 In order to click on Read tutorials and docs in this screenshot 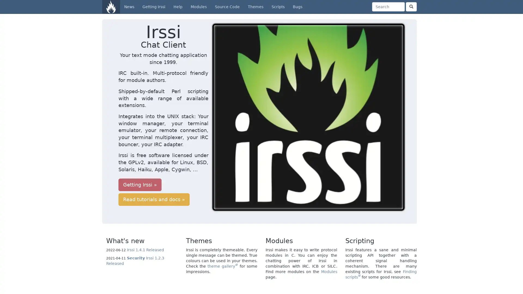, I will do `click(198, 156)`.